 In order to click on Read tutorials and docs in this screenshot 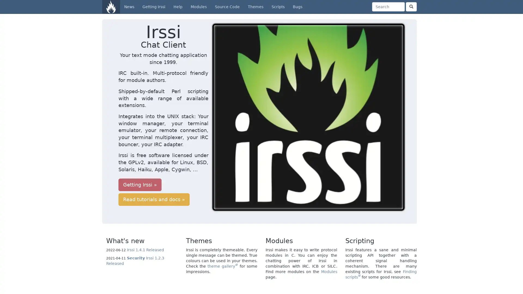, I will do `click(198, 156)`.